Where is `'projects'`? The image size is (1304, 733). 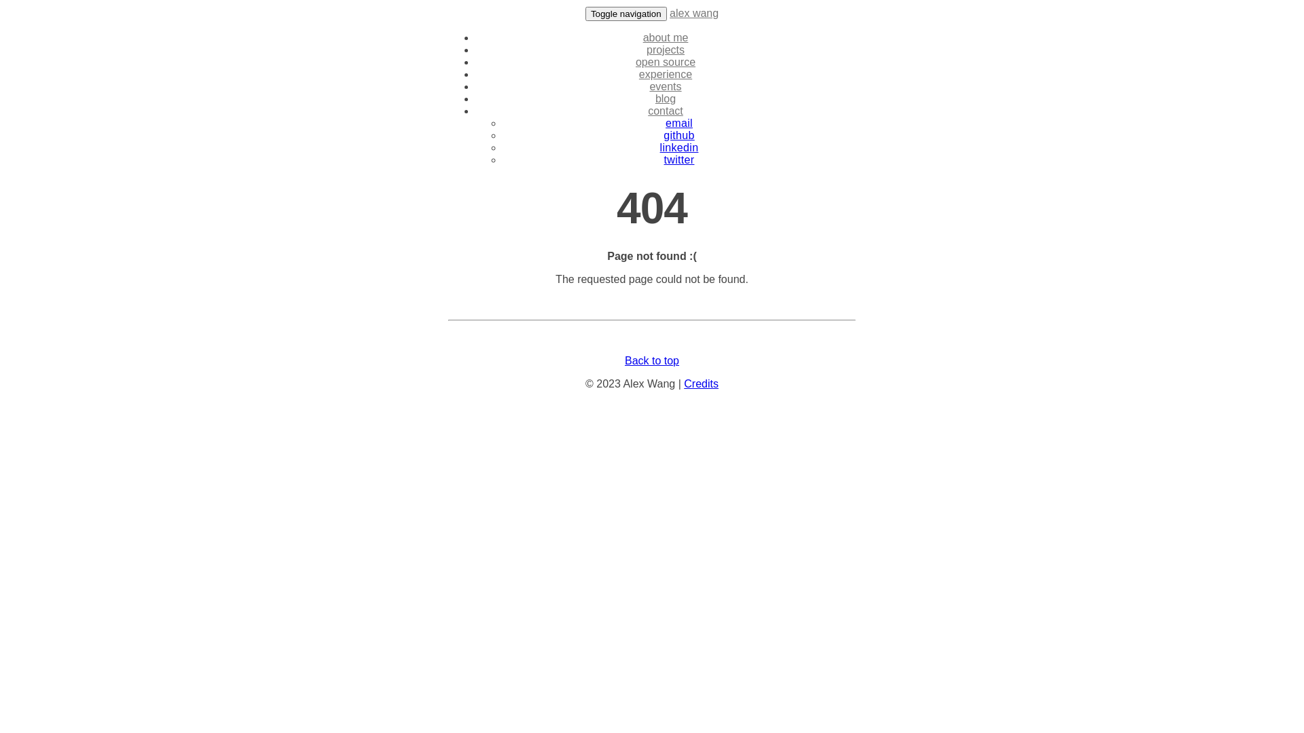 'projects' is located at coordinates (665, 49).